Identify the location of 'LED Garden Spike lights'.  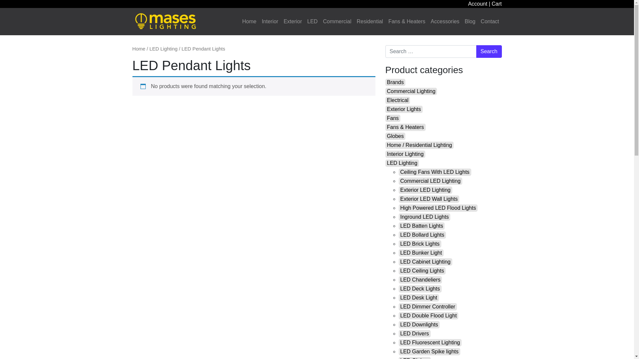
(429, 351).